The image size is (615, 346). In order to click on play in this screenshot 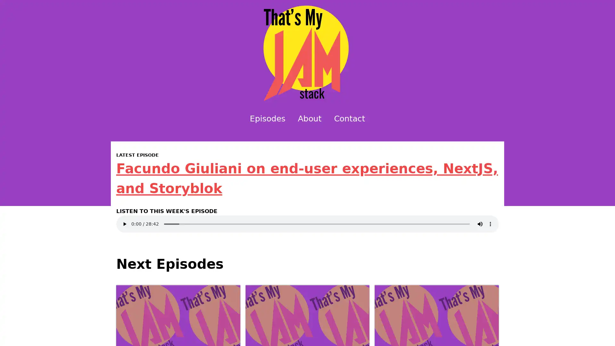, I will do `click(124, 223)`.